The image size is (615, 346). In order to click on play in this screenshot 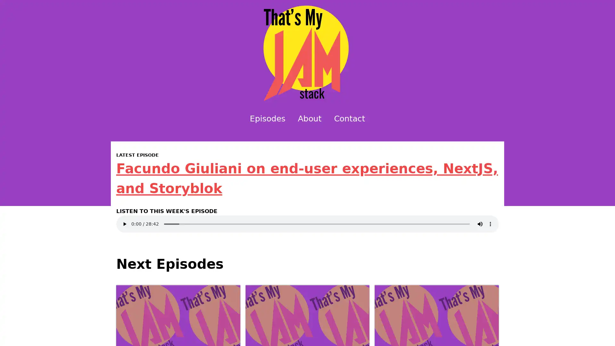, I will do `click(124, 223)`.